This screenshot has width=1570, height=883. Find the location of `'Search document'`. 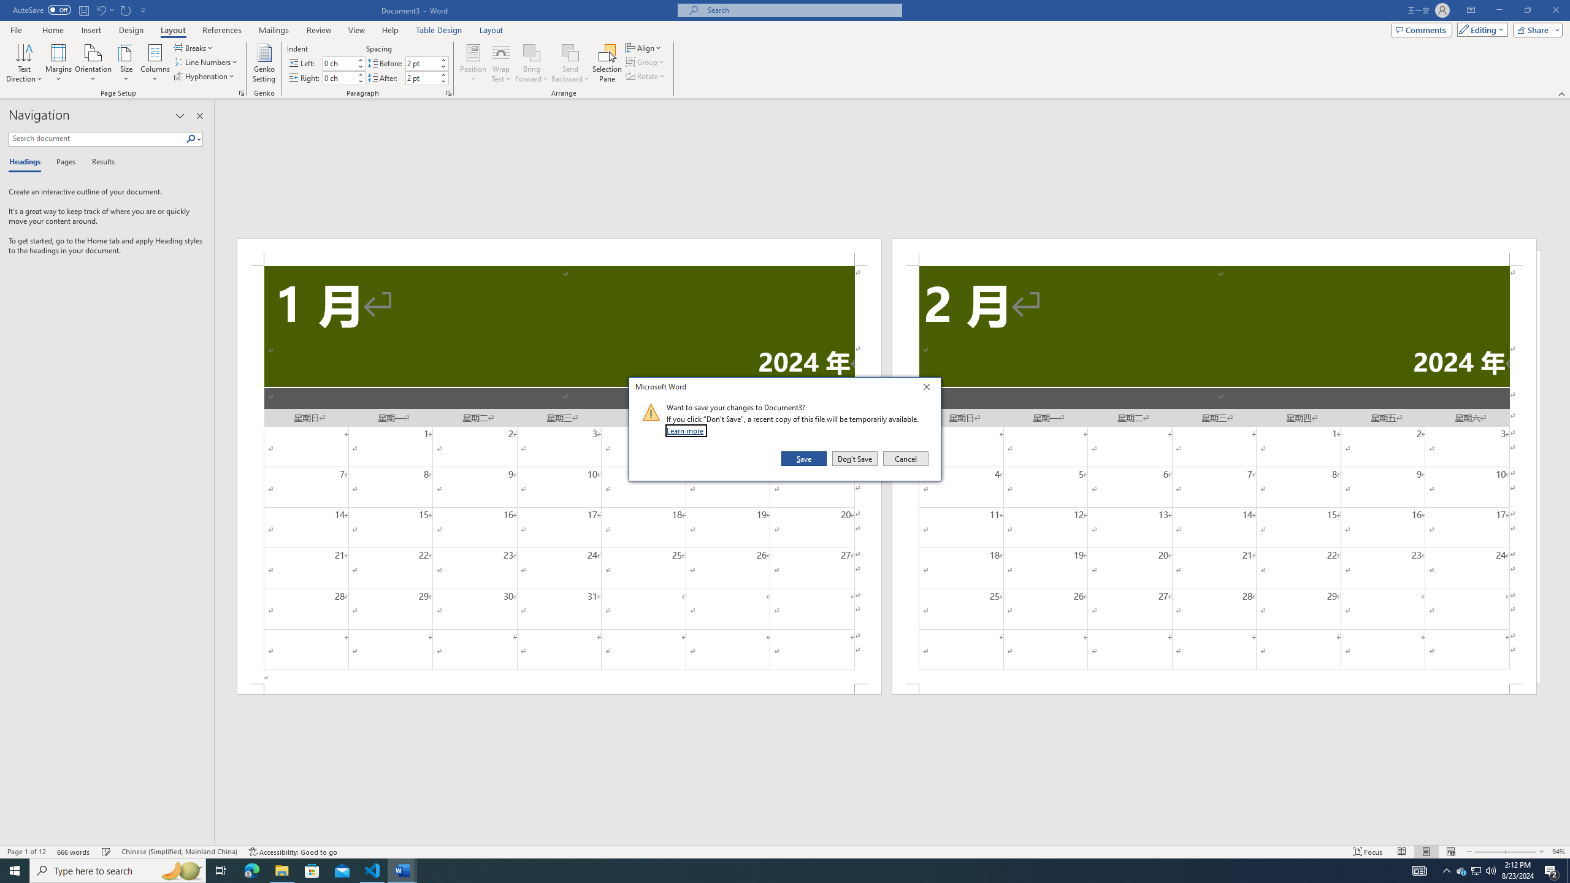

'Search document' is located at coordinates (97, 138).